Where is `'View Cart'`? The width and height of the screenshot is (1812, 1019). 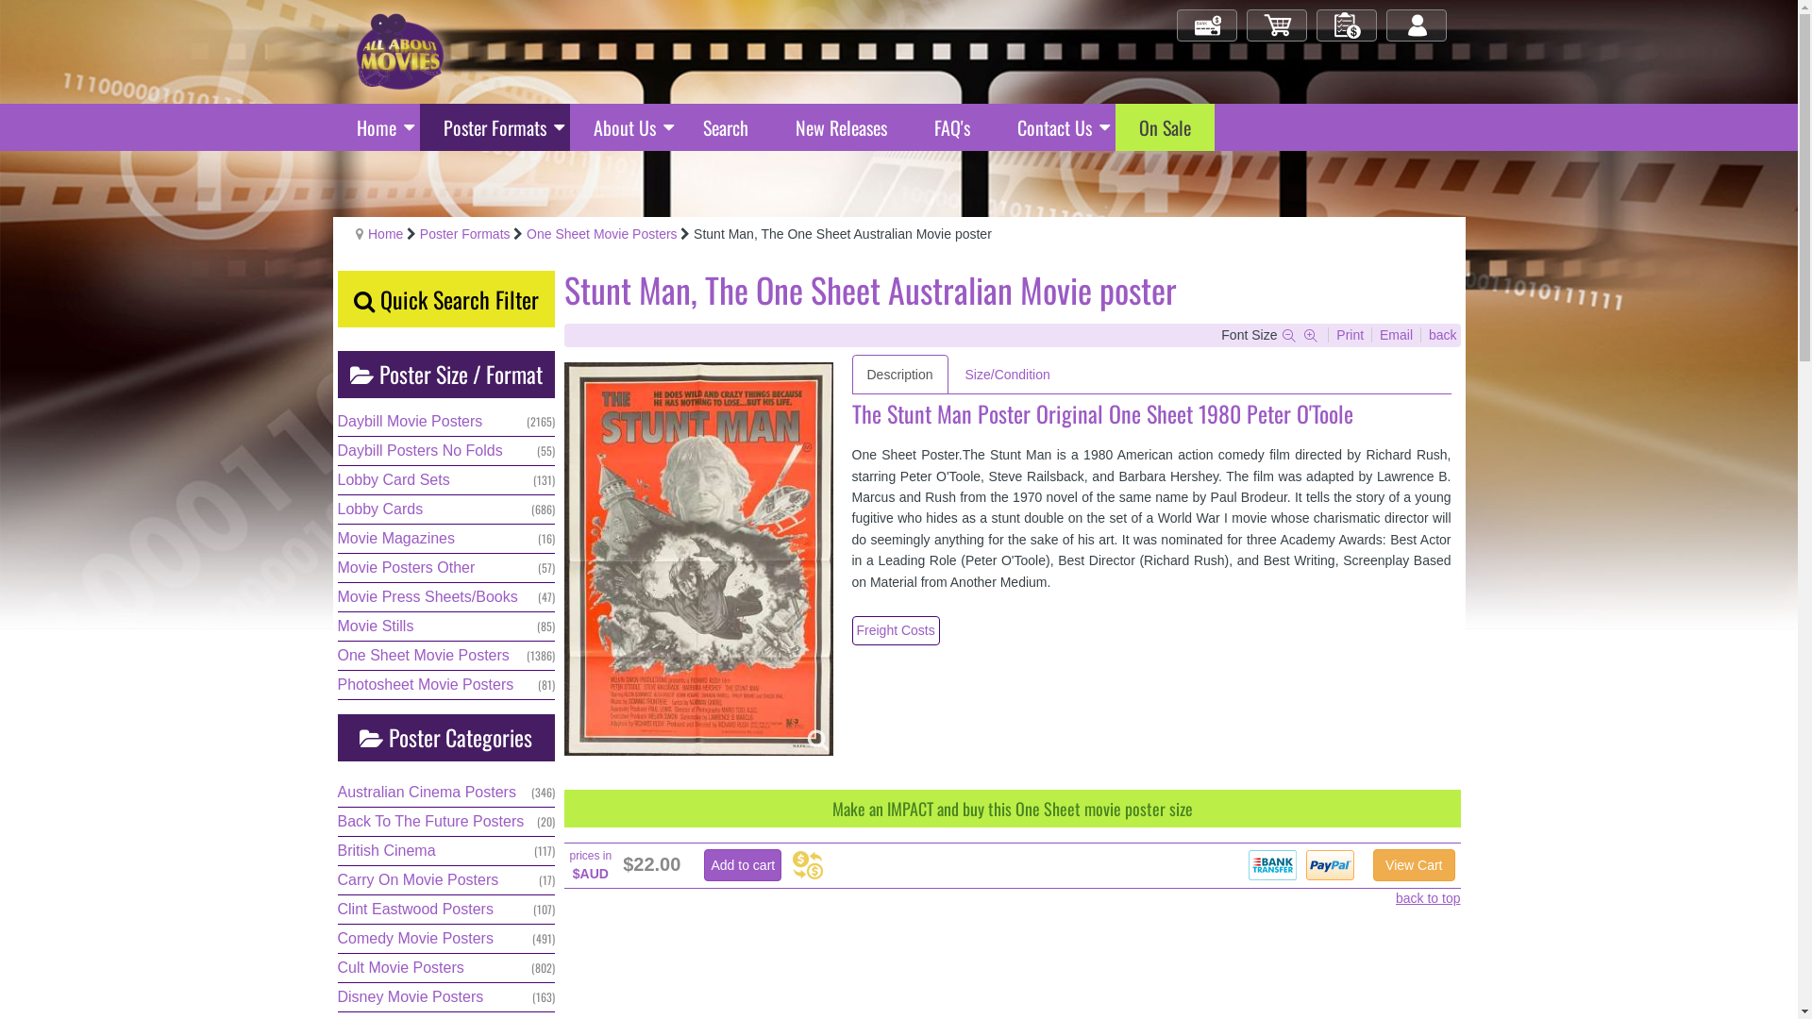
'View Cart' is located at coordinates (1372, 865).